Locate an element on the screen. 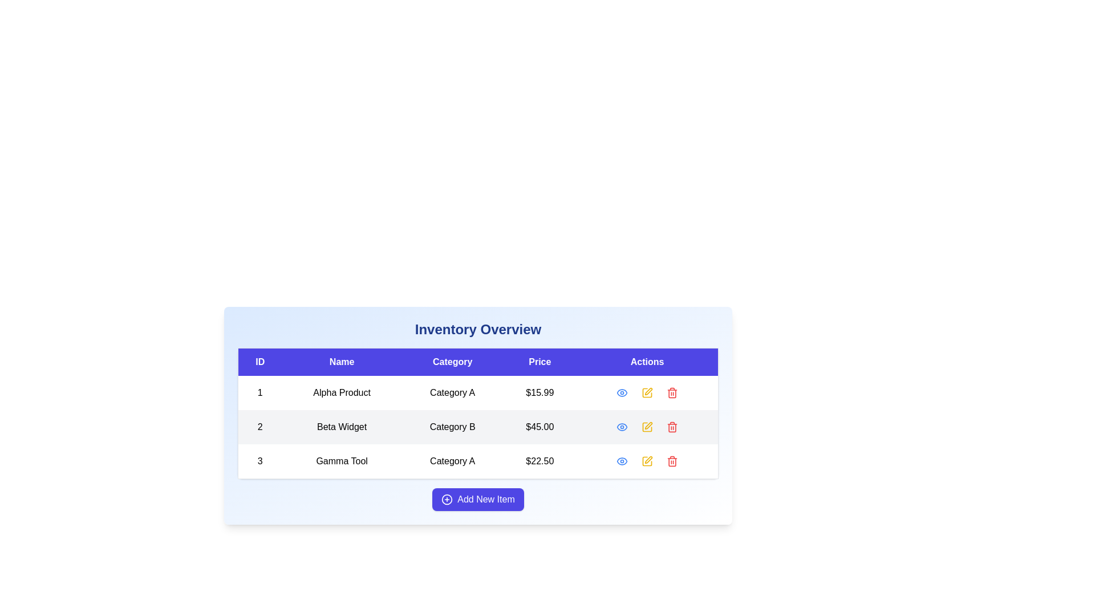 This screenshot has width=1095, height=616. the yellow pen icon in the 'Actions' column of the table, specifically in the second row corresponding to the product 'Beta Widget' is located at coordinates (648, 391).